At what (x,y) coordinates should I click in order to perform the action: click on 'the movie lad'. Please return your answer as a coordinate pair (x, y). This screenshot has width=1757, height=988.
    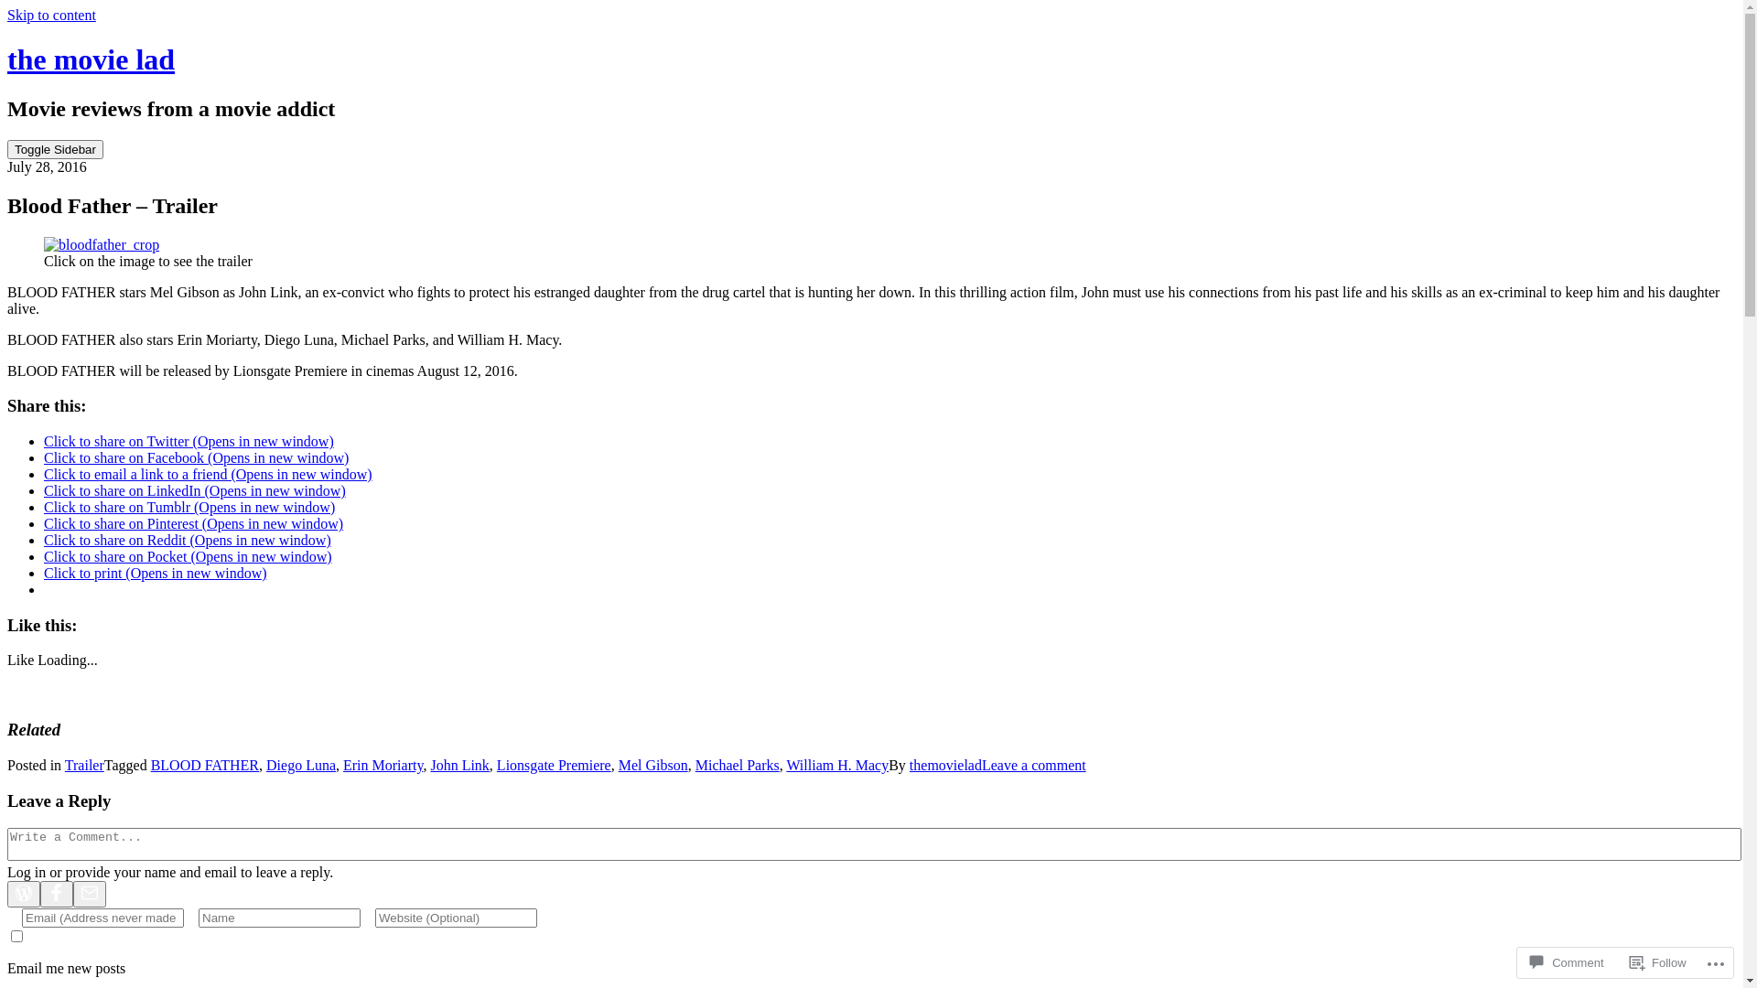
    Looking at the image, I should click on (7, 59).